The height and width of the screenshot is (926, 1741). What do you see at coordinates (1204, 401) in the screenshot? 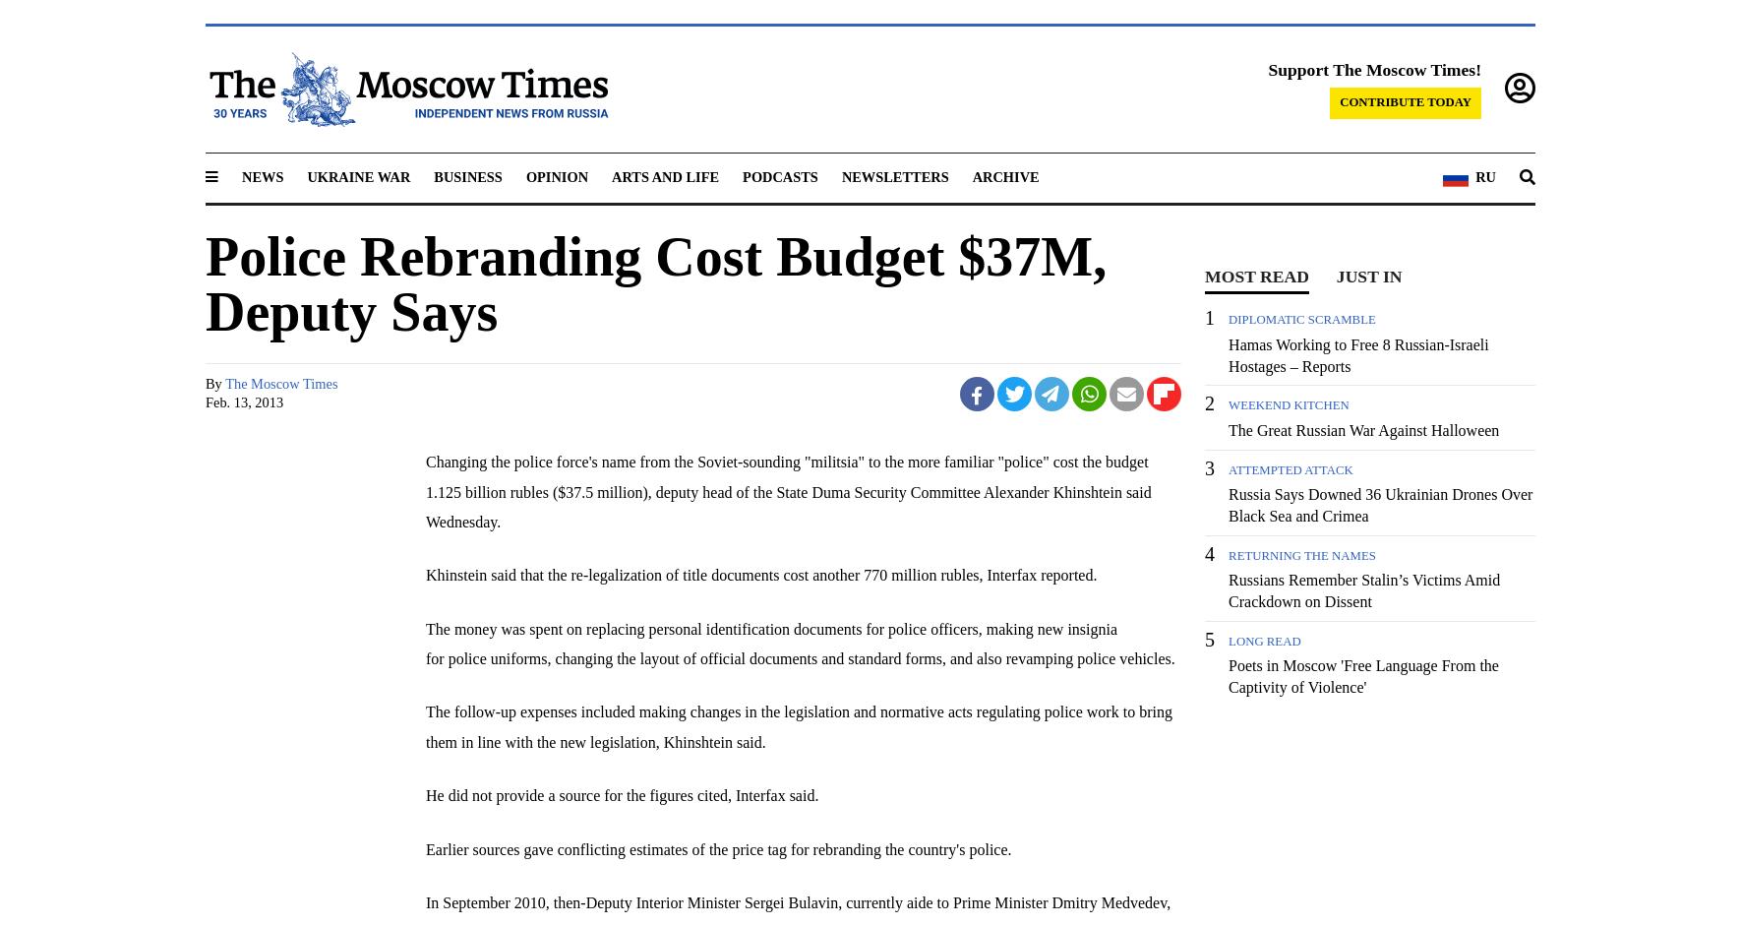
I see `'2'` at bounding box center [1204, 401].